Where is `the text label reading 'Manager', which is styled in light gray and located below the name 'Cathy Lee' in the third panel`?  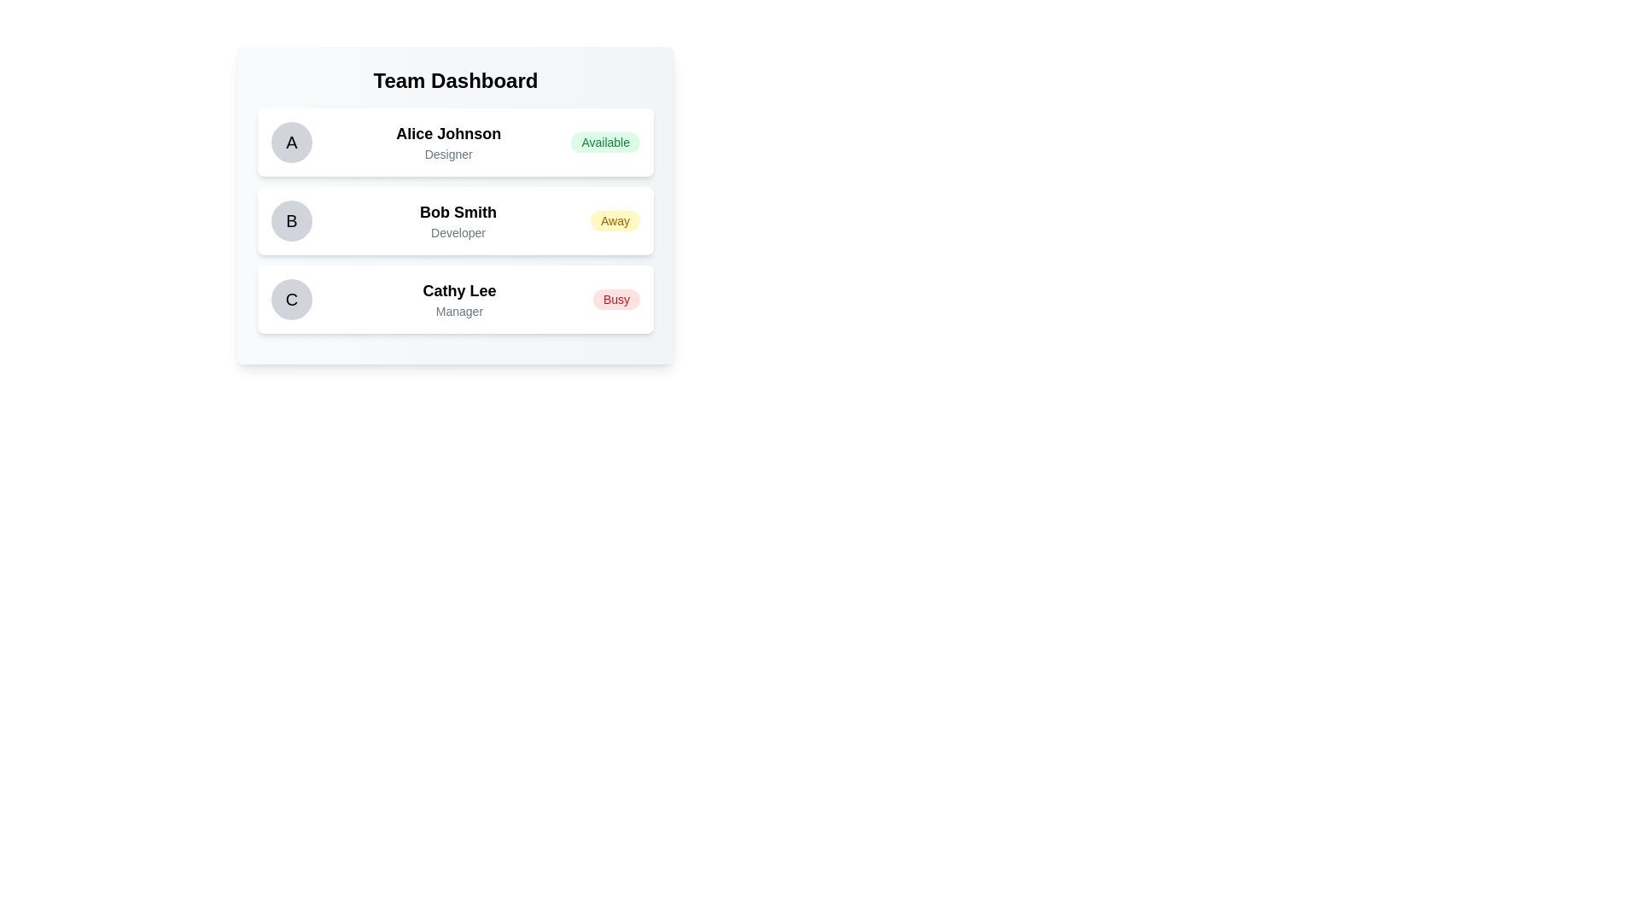 the text label reading 'Manager', which is styled in light gray and located below the name 'Cathy Lee' in the third panel is located at coordinates (459, 312).